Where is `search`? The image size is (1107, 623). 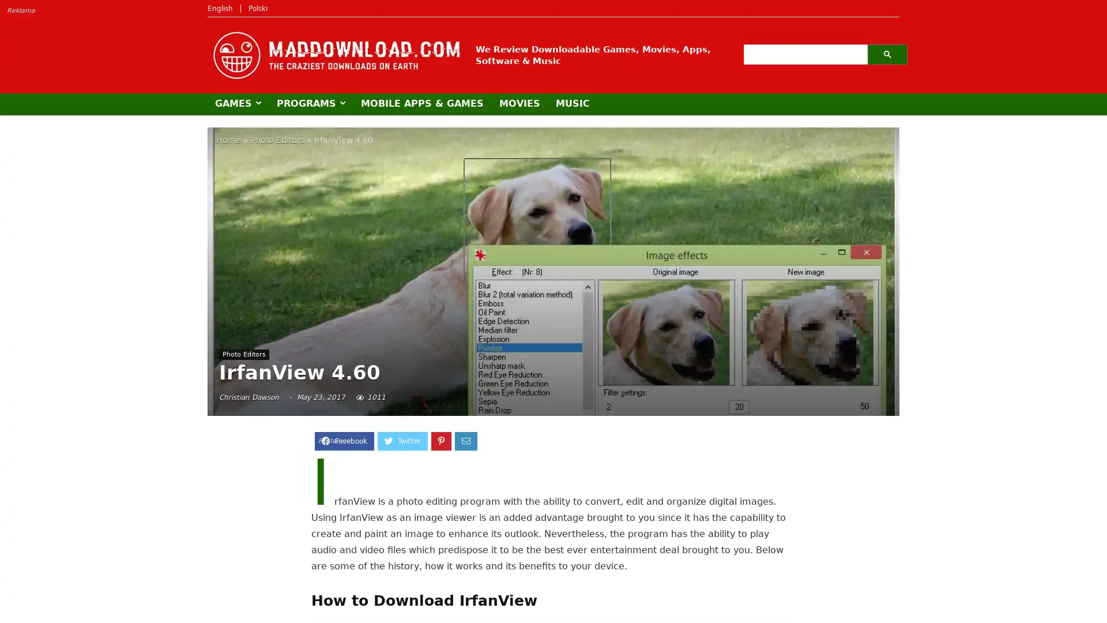
search is located at coordinates (887, 54).